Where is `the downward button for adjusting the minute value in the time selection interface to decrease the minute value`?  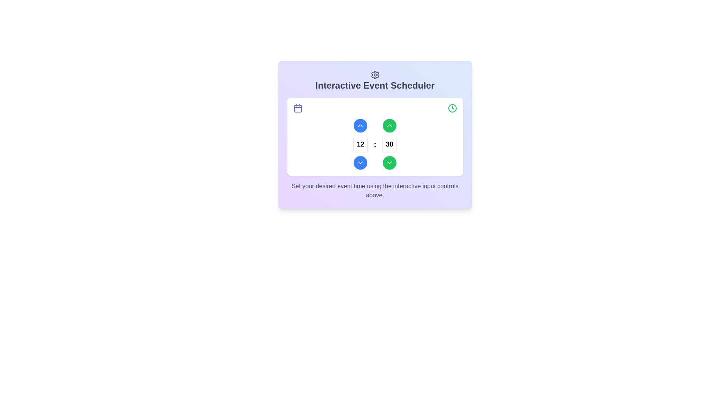 the downward button for adjusting the minute value in the time selection interface to decrease the minute value is located at coordinates (389, 162).